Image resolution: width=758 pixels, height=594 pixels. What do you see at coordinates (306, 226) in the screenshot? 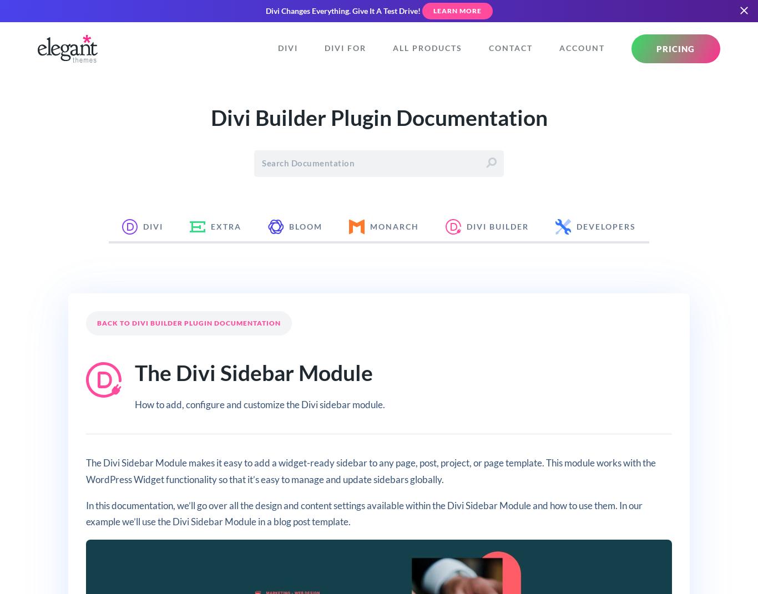
I see `'Bloom'` at bounding box center [306, 226].